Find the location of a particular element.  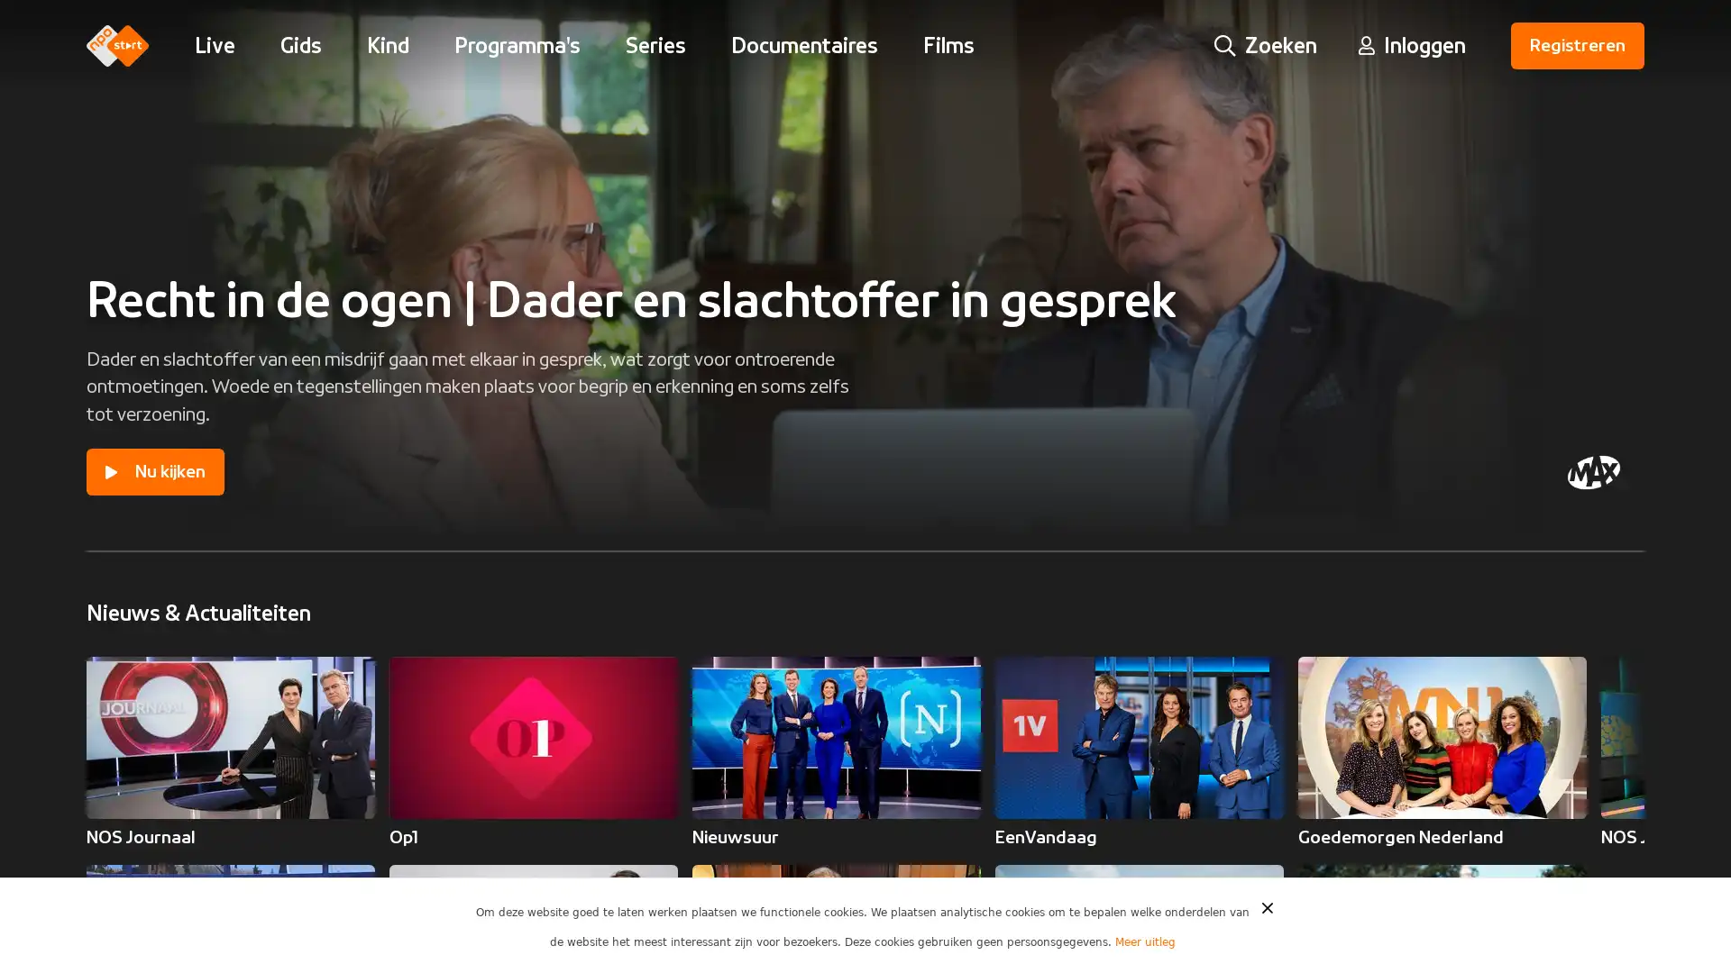

Previous is located at coordinates (1597, 737).